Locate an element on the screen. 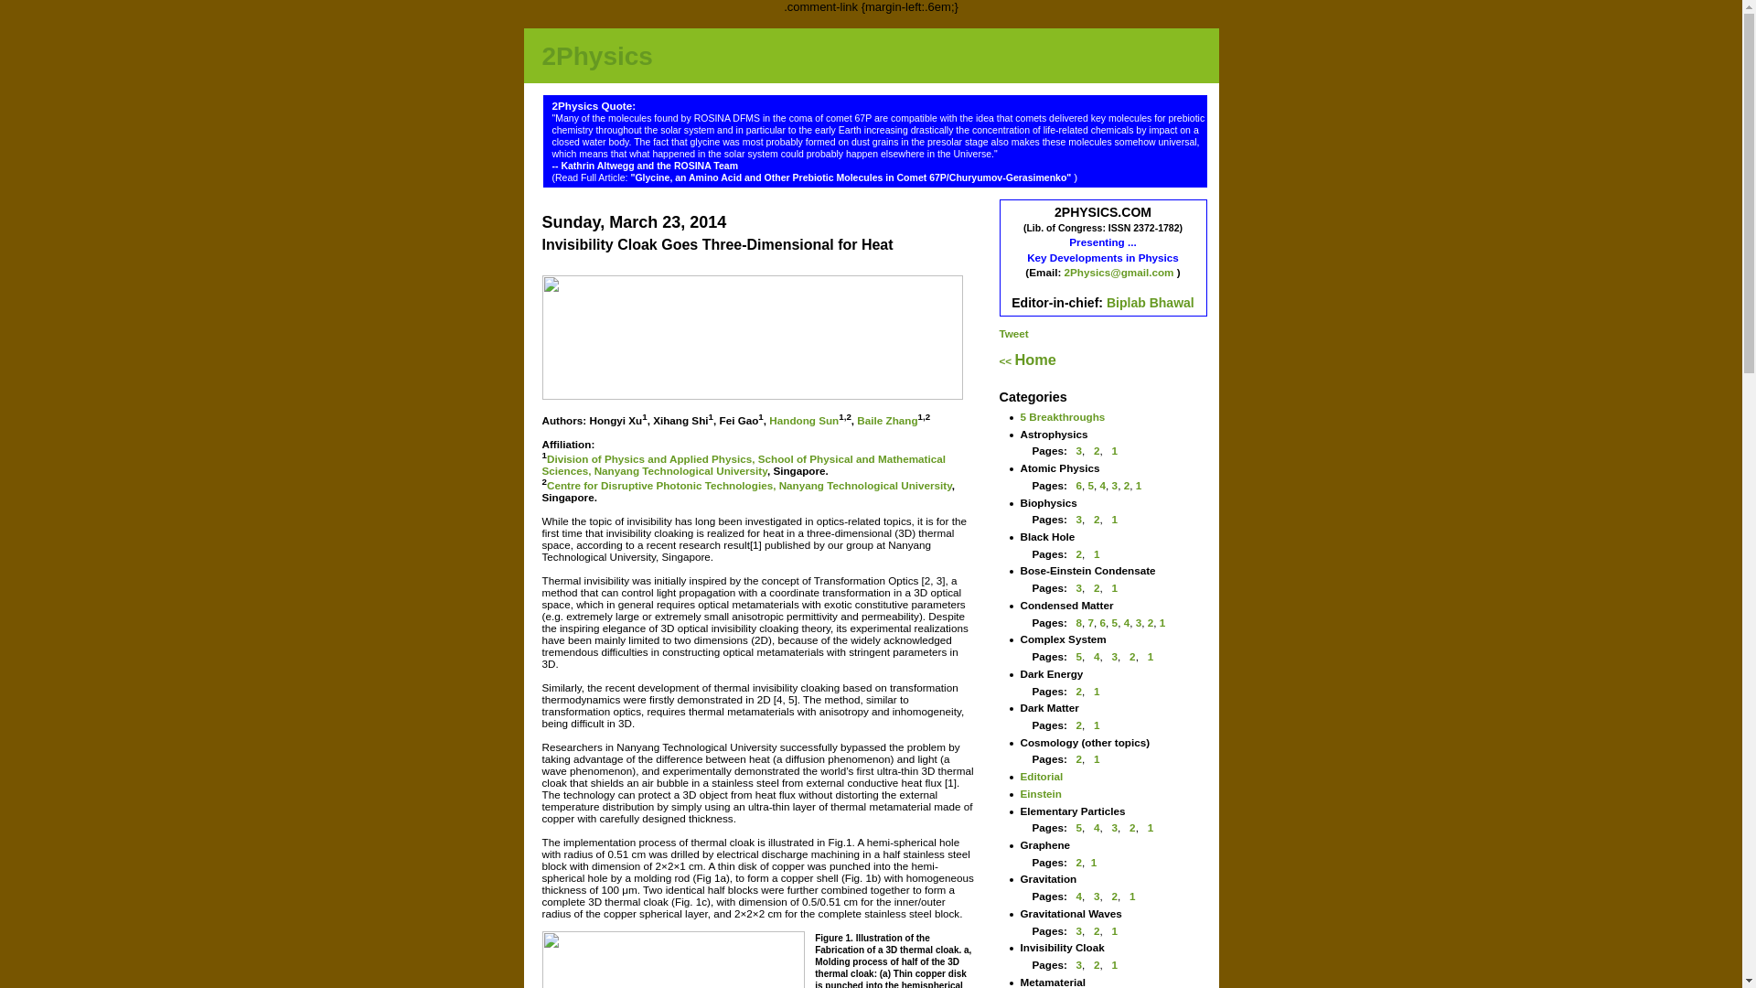 This screenshot has width=1756, height=988. '5' is located at coordinates (1079, 655).